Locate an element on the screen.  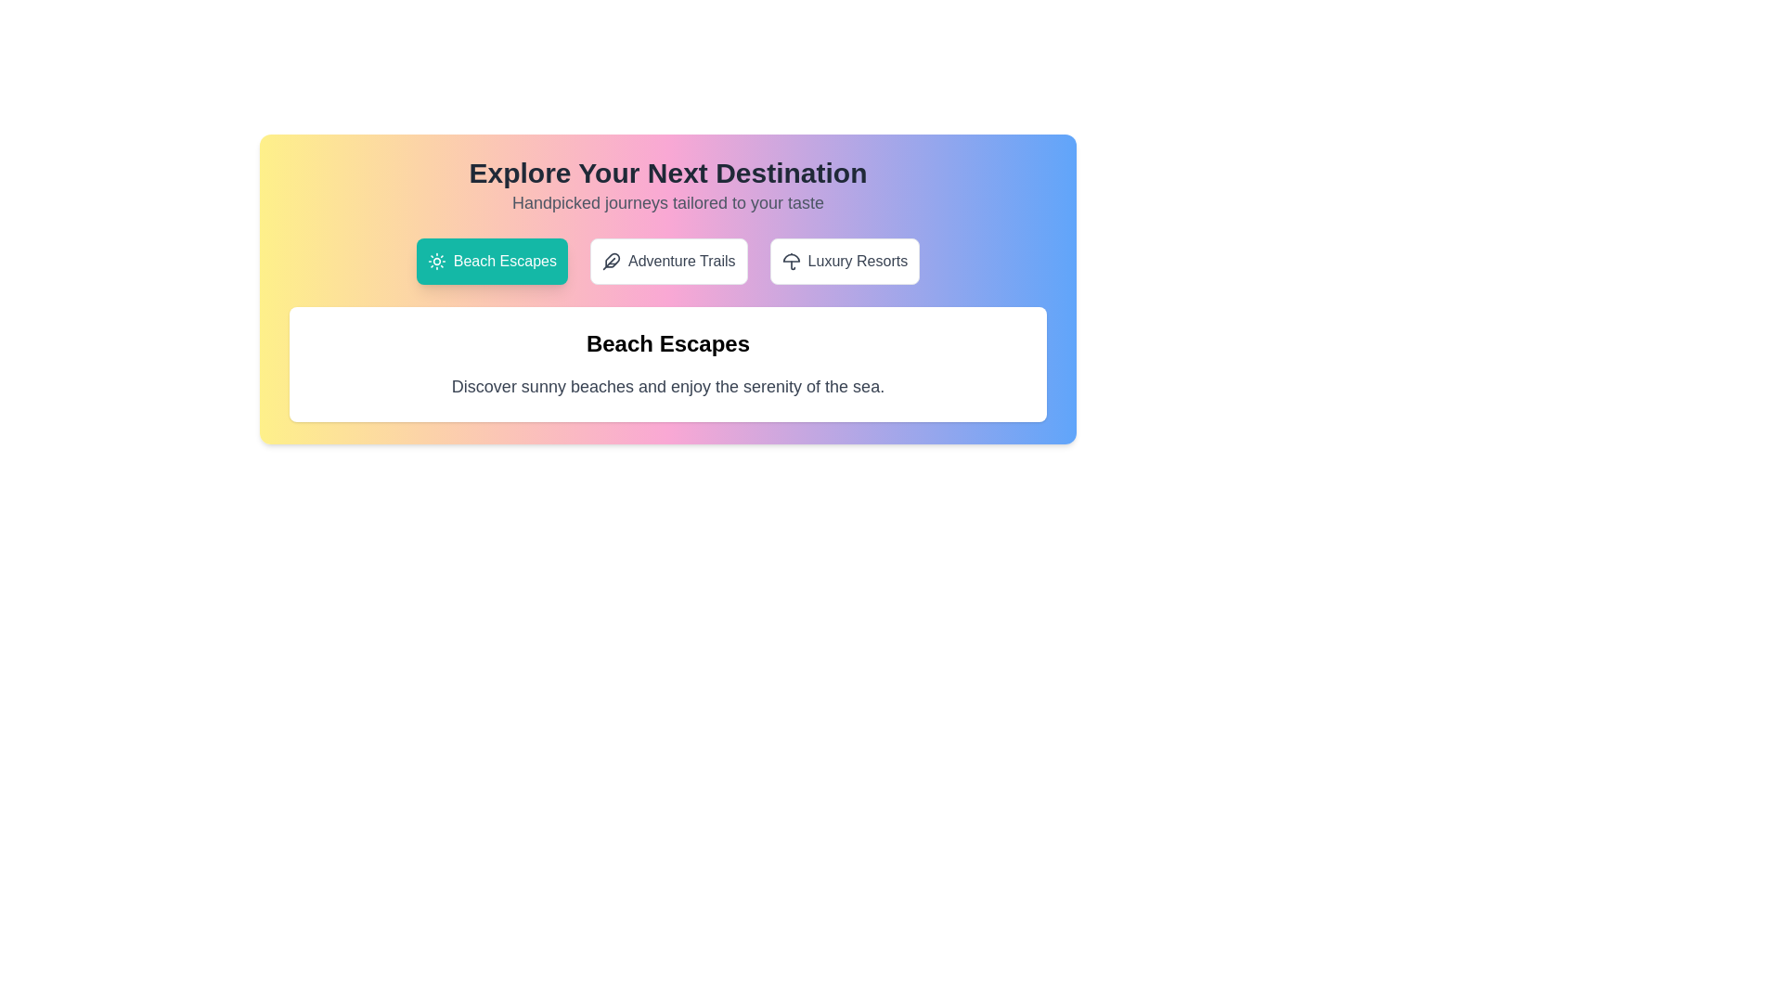
the tab labeled 'Beach Escapes' is located at coordinates (492, 261).